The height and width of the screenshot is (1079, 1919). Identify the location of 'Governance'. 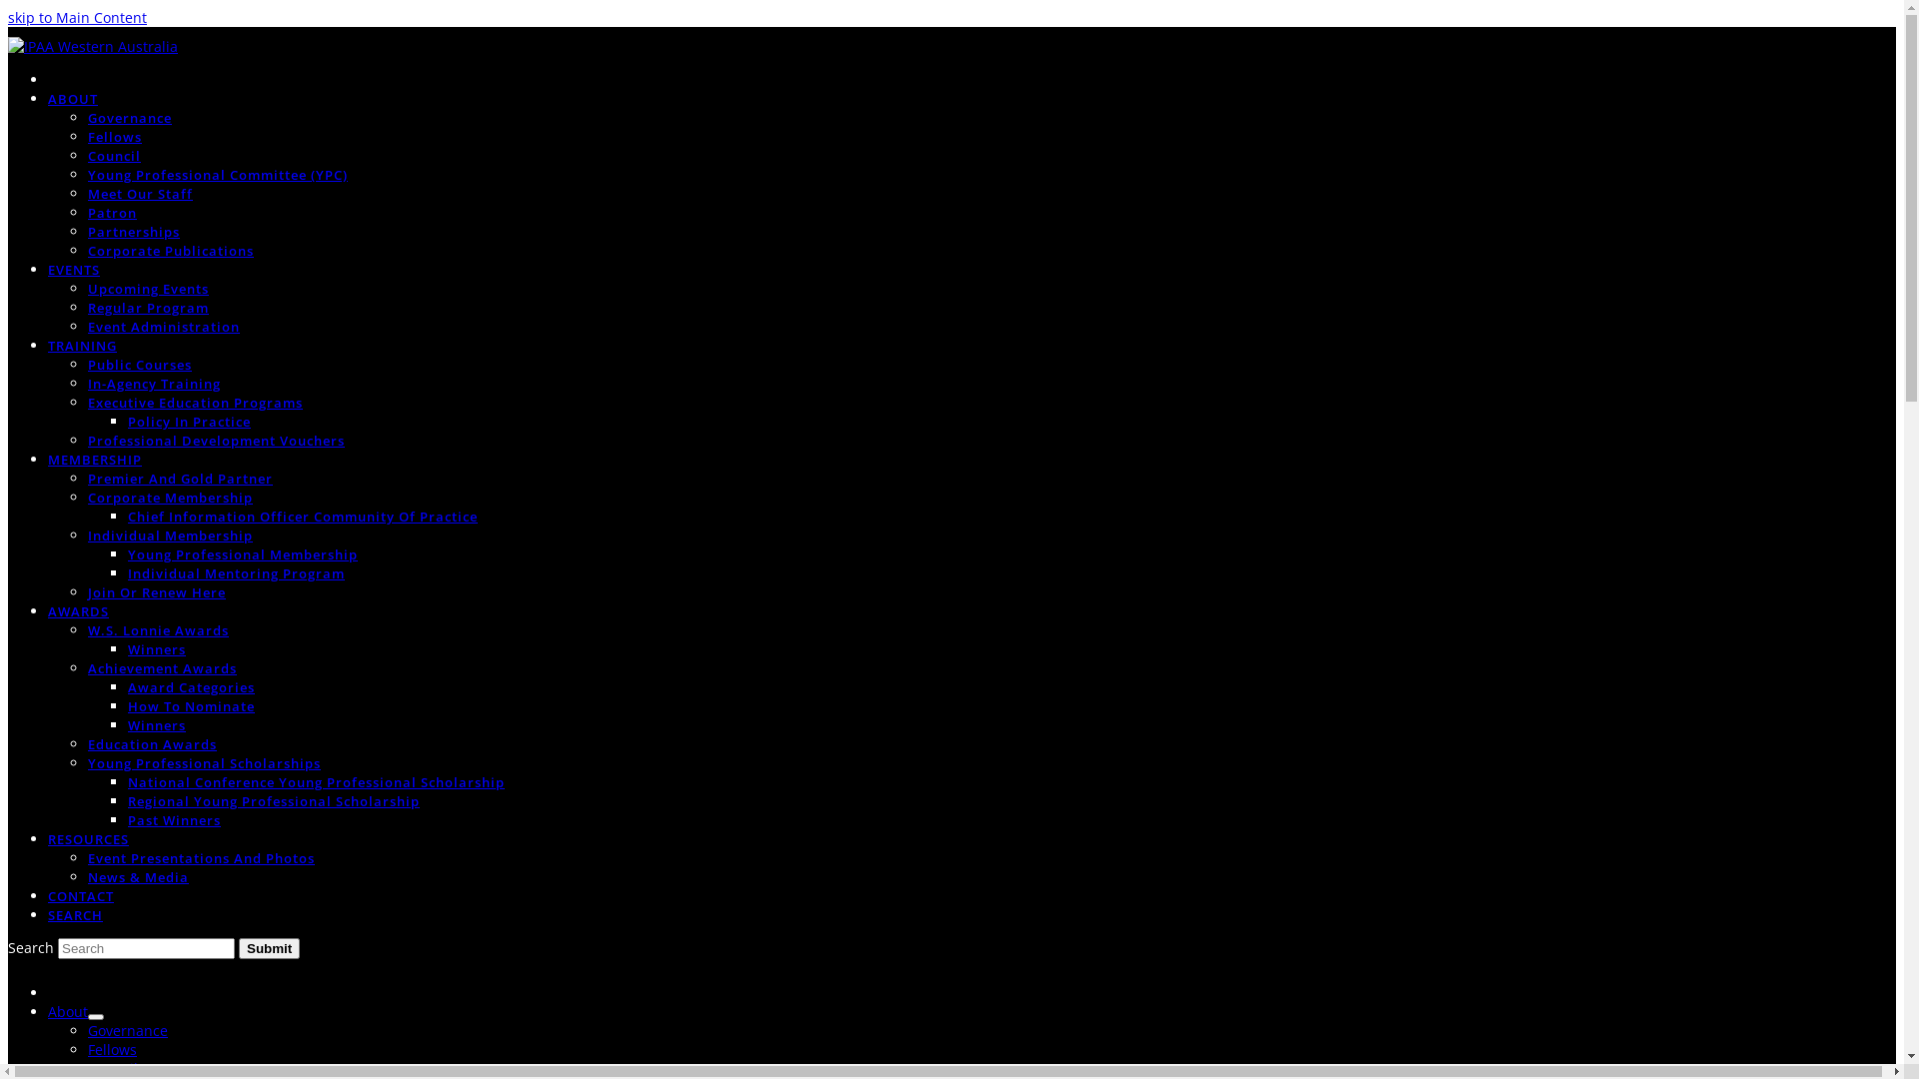
(127, 1030).